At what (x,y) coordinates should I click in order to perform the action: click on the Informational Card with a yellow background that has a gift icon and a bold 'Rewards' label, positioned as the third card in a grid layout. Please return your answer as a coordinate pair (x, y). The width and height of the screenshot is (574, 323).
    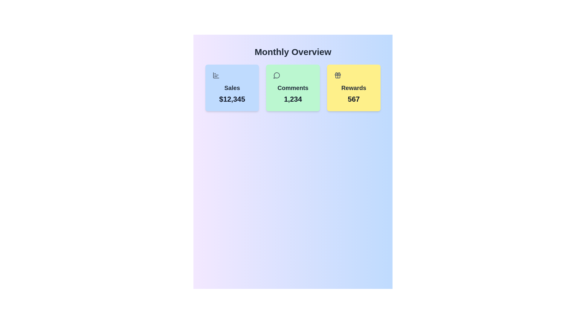
    Looking at the image, I should click on (354, 88).